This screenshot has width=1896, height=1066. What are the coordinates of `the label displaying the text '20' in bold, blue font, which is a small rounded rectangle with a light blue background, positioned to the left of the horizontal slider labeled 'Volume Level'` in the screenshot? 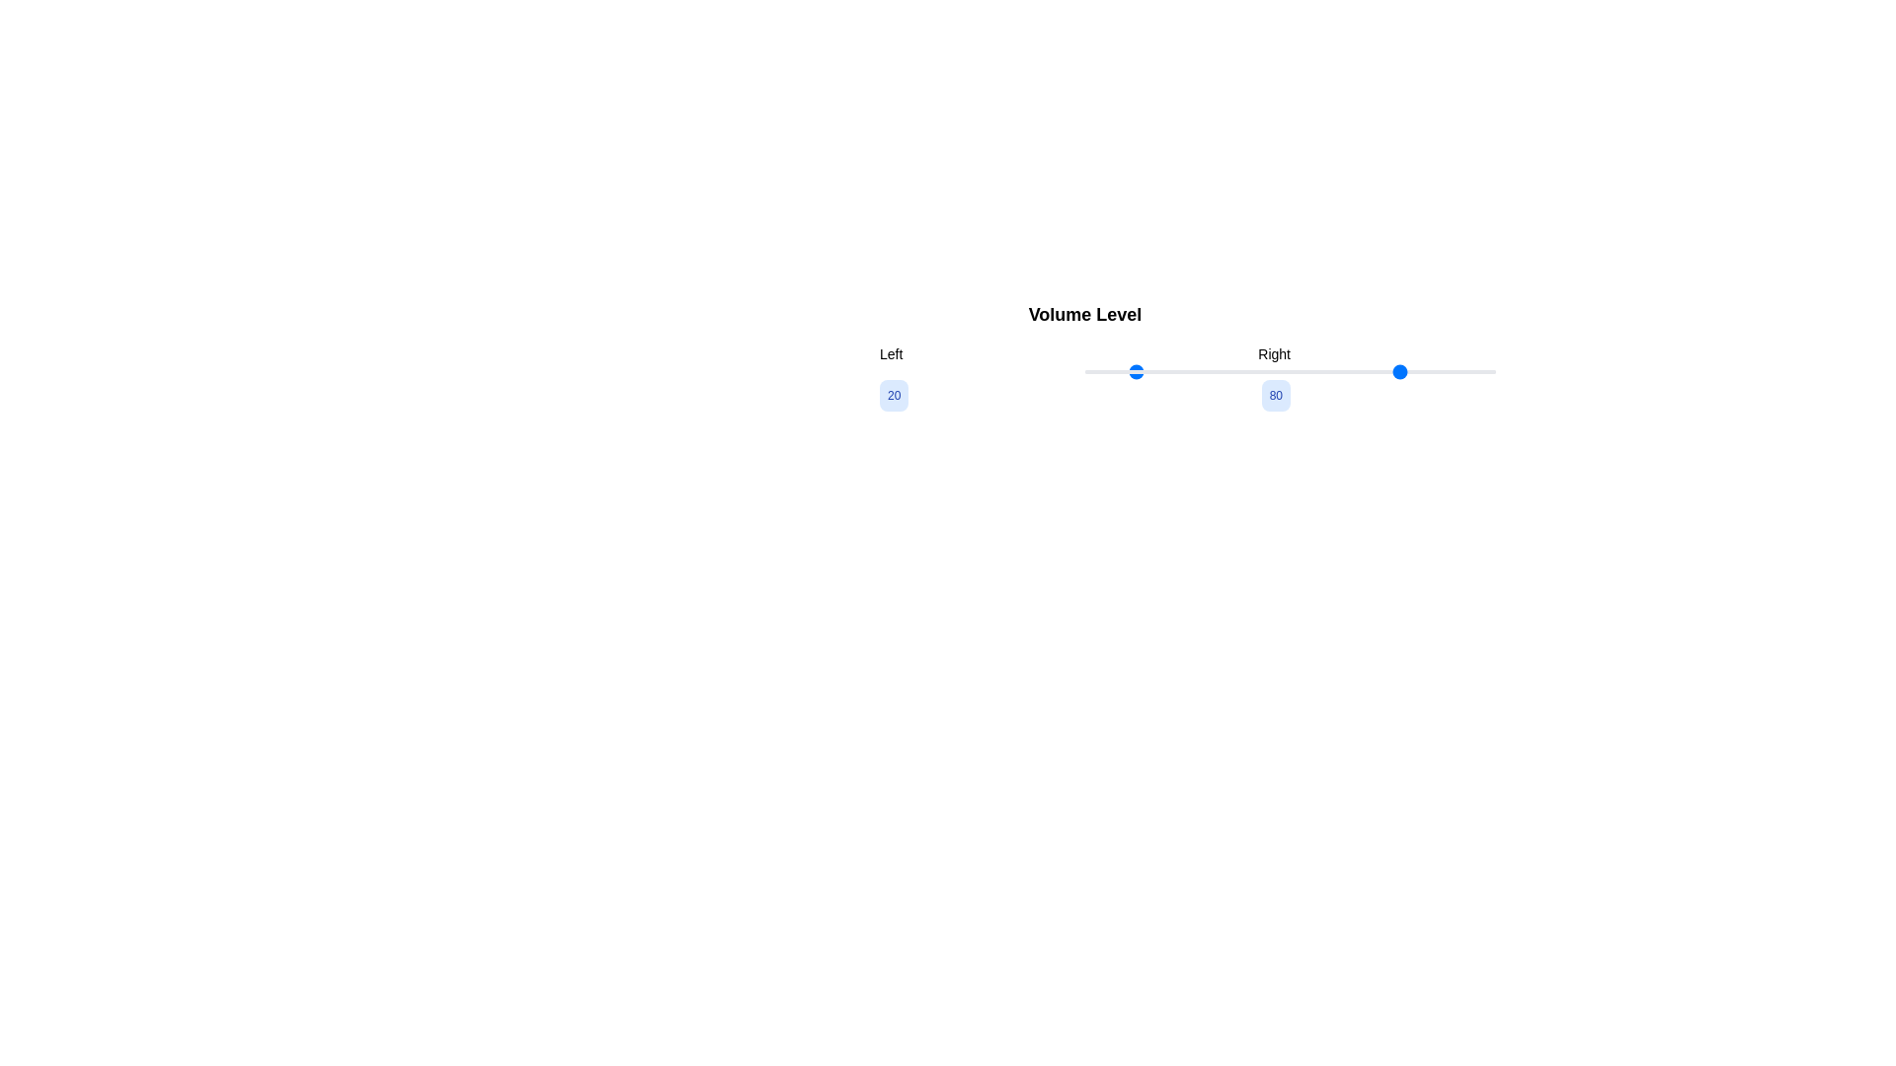 It's located at (893, 396).